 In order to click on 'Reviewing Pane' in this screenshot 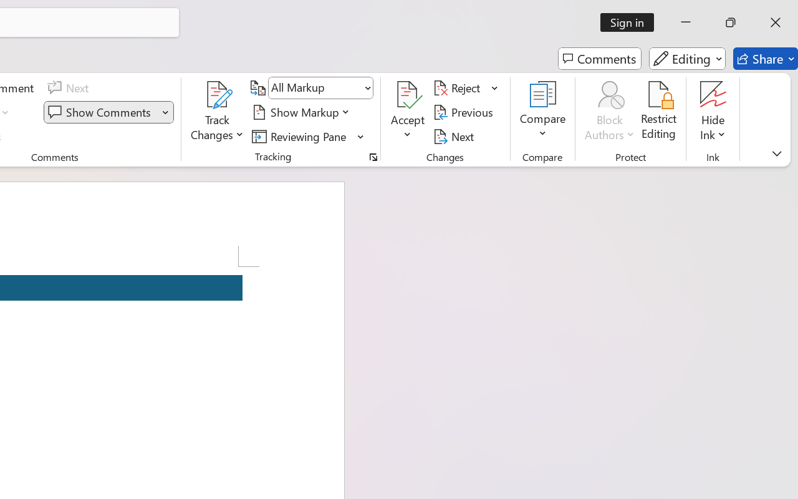, I will do `click(301, 136)`.